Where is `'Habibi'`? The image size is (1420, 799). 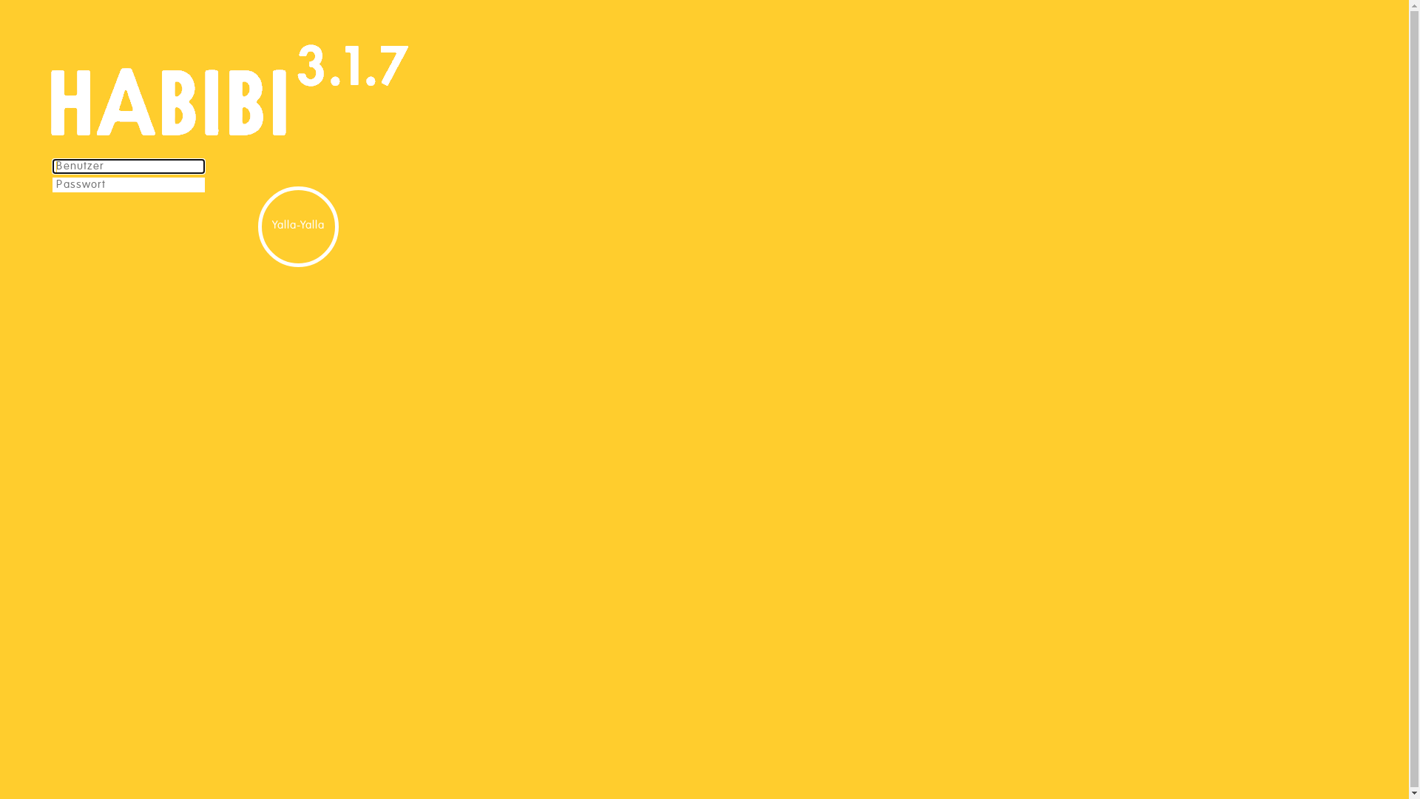 'Habibi' is located at coordinates (362, 88).